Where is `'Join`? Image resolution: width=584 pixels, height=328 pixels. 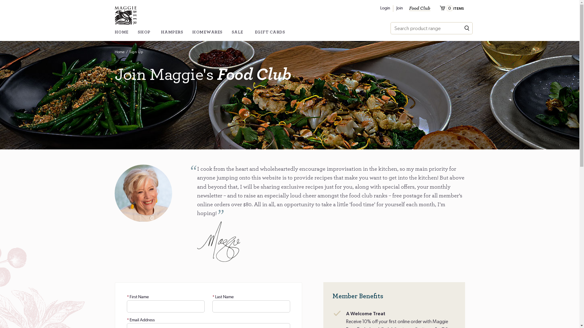
'Join is located at coordinates (412, 8).